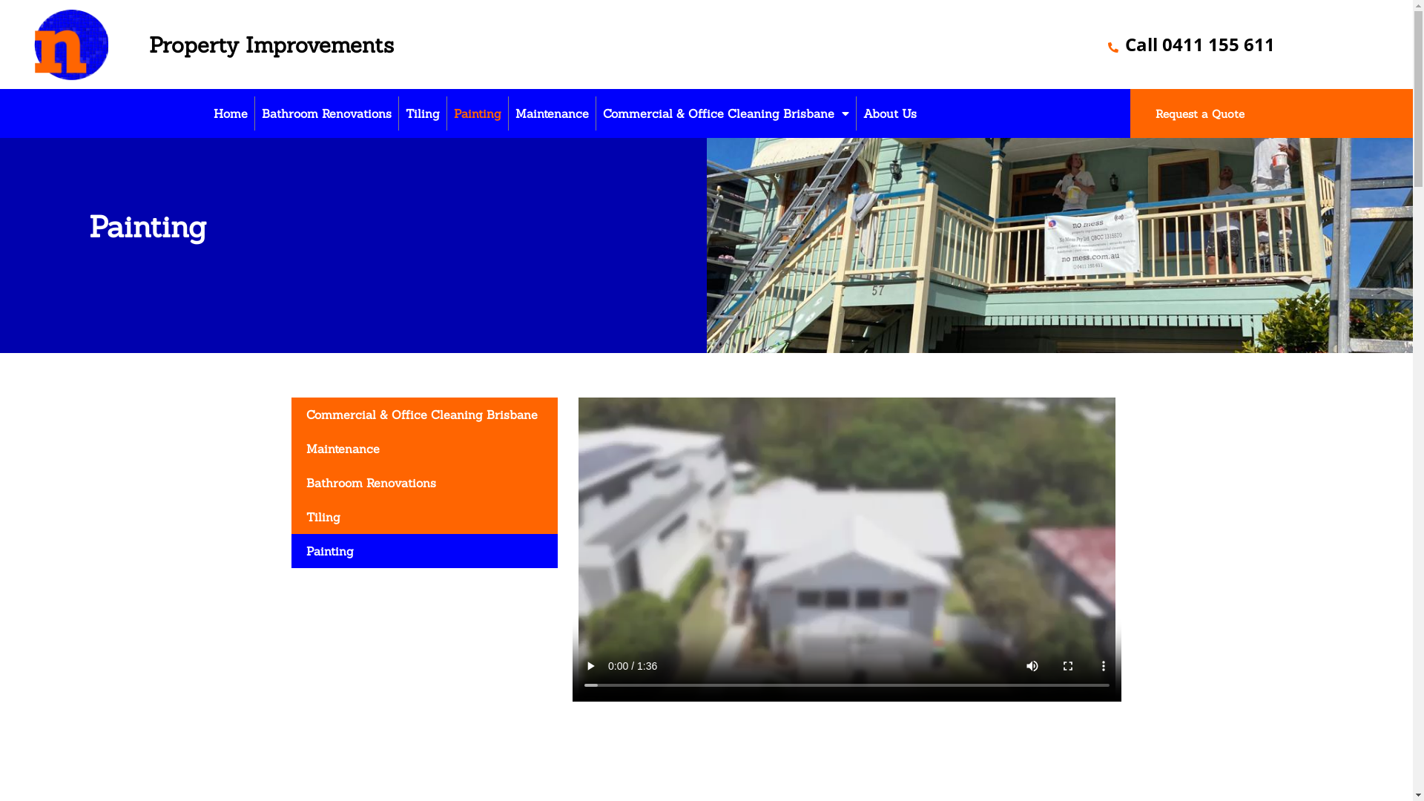 The width and height of the screenshot is (1424, 801). I want to click on 'Bathroom Renovations', so click(255, 113).